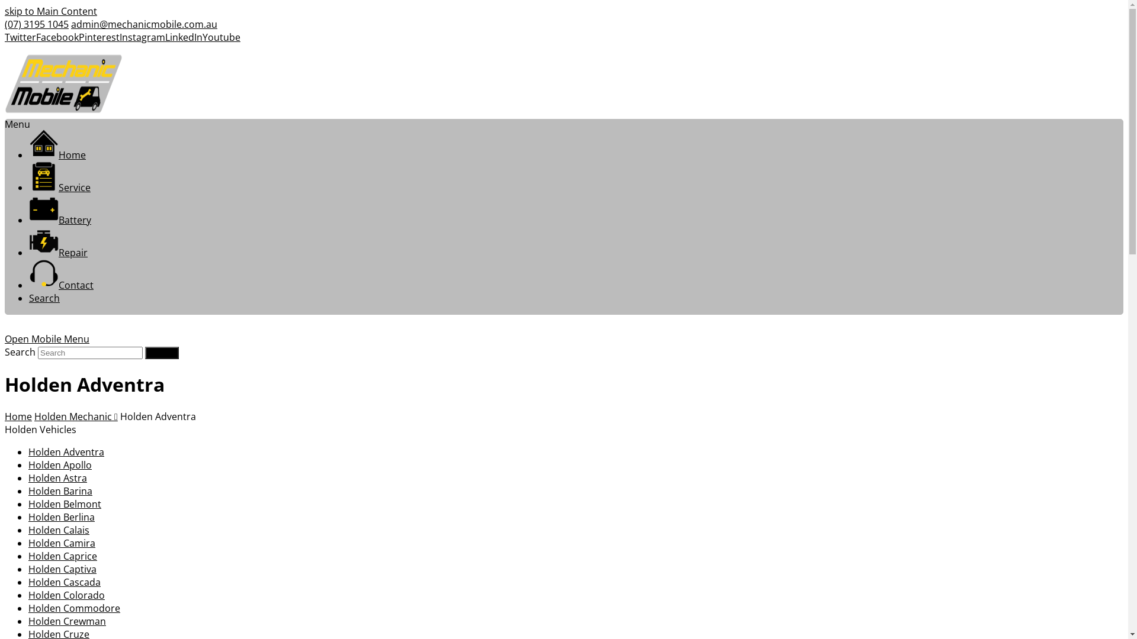 Image resolution: width=1137 pixels, height=639 pixels. I want to click on 'Youtube', so click(221, 36).